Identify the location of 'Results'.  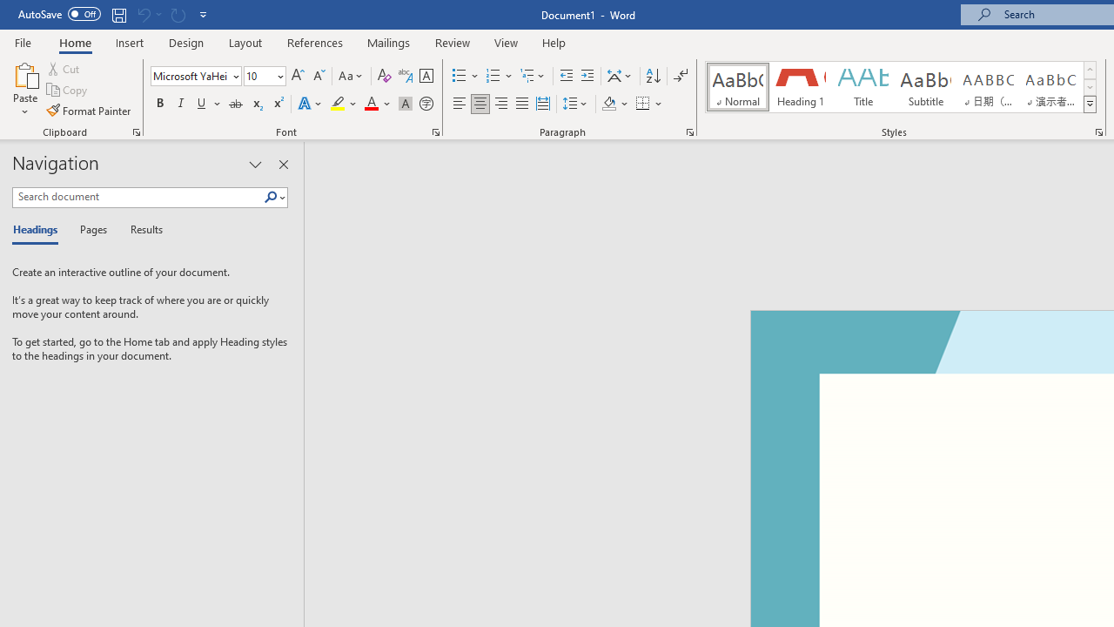
(140, 230).